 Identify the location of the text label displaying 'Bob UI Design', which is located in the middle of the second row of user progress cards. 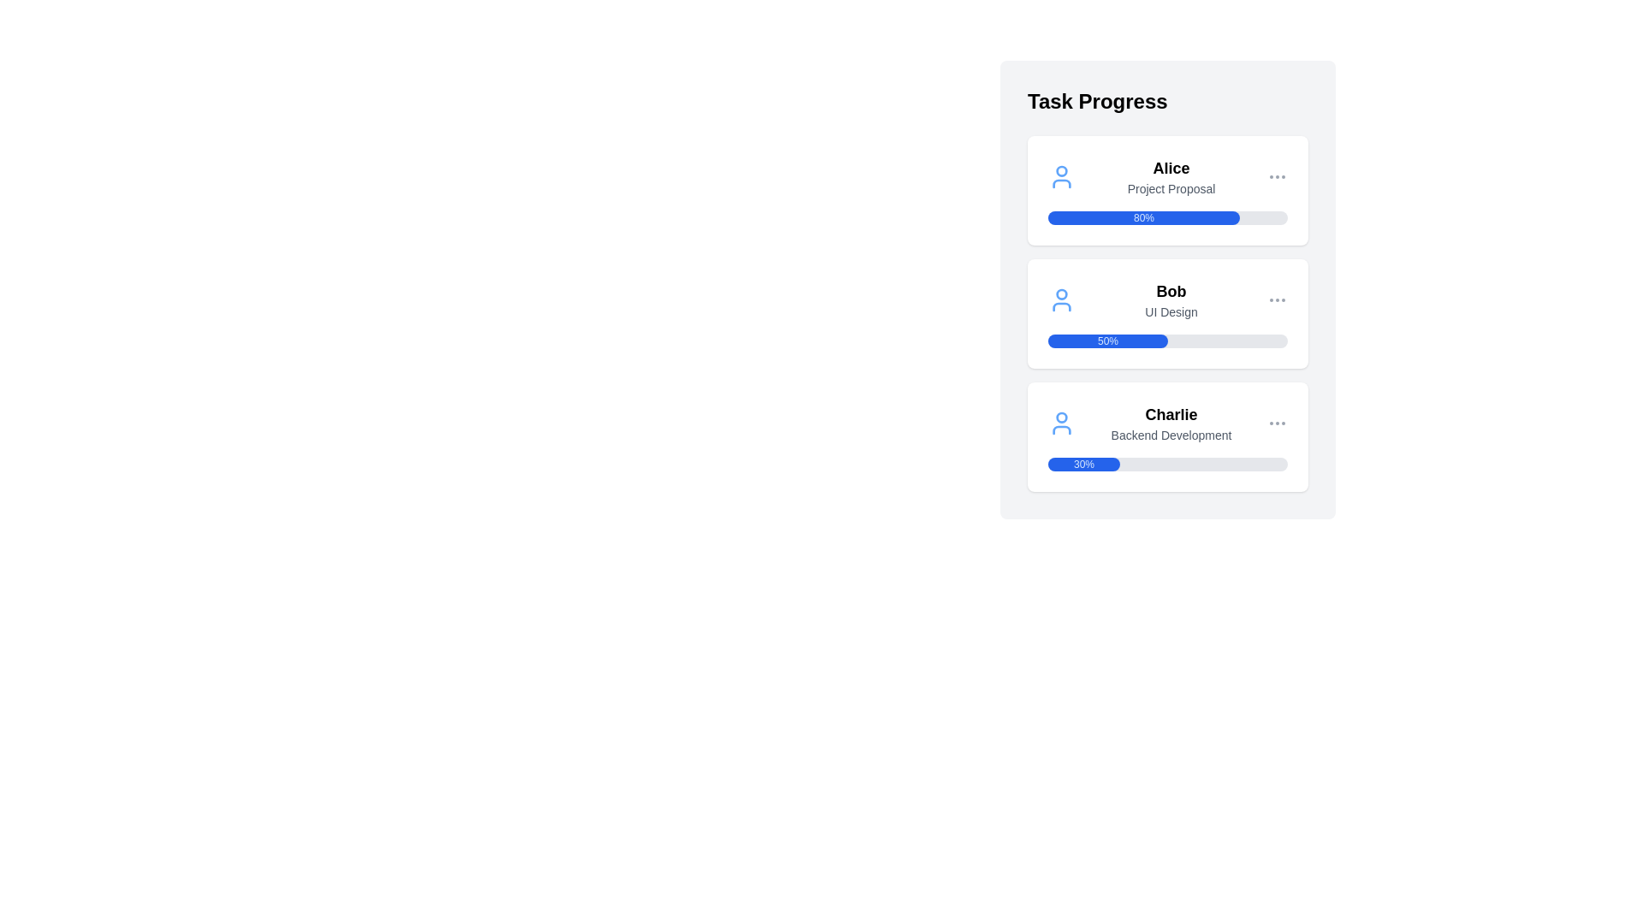
(1170, 299).